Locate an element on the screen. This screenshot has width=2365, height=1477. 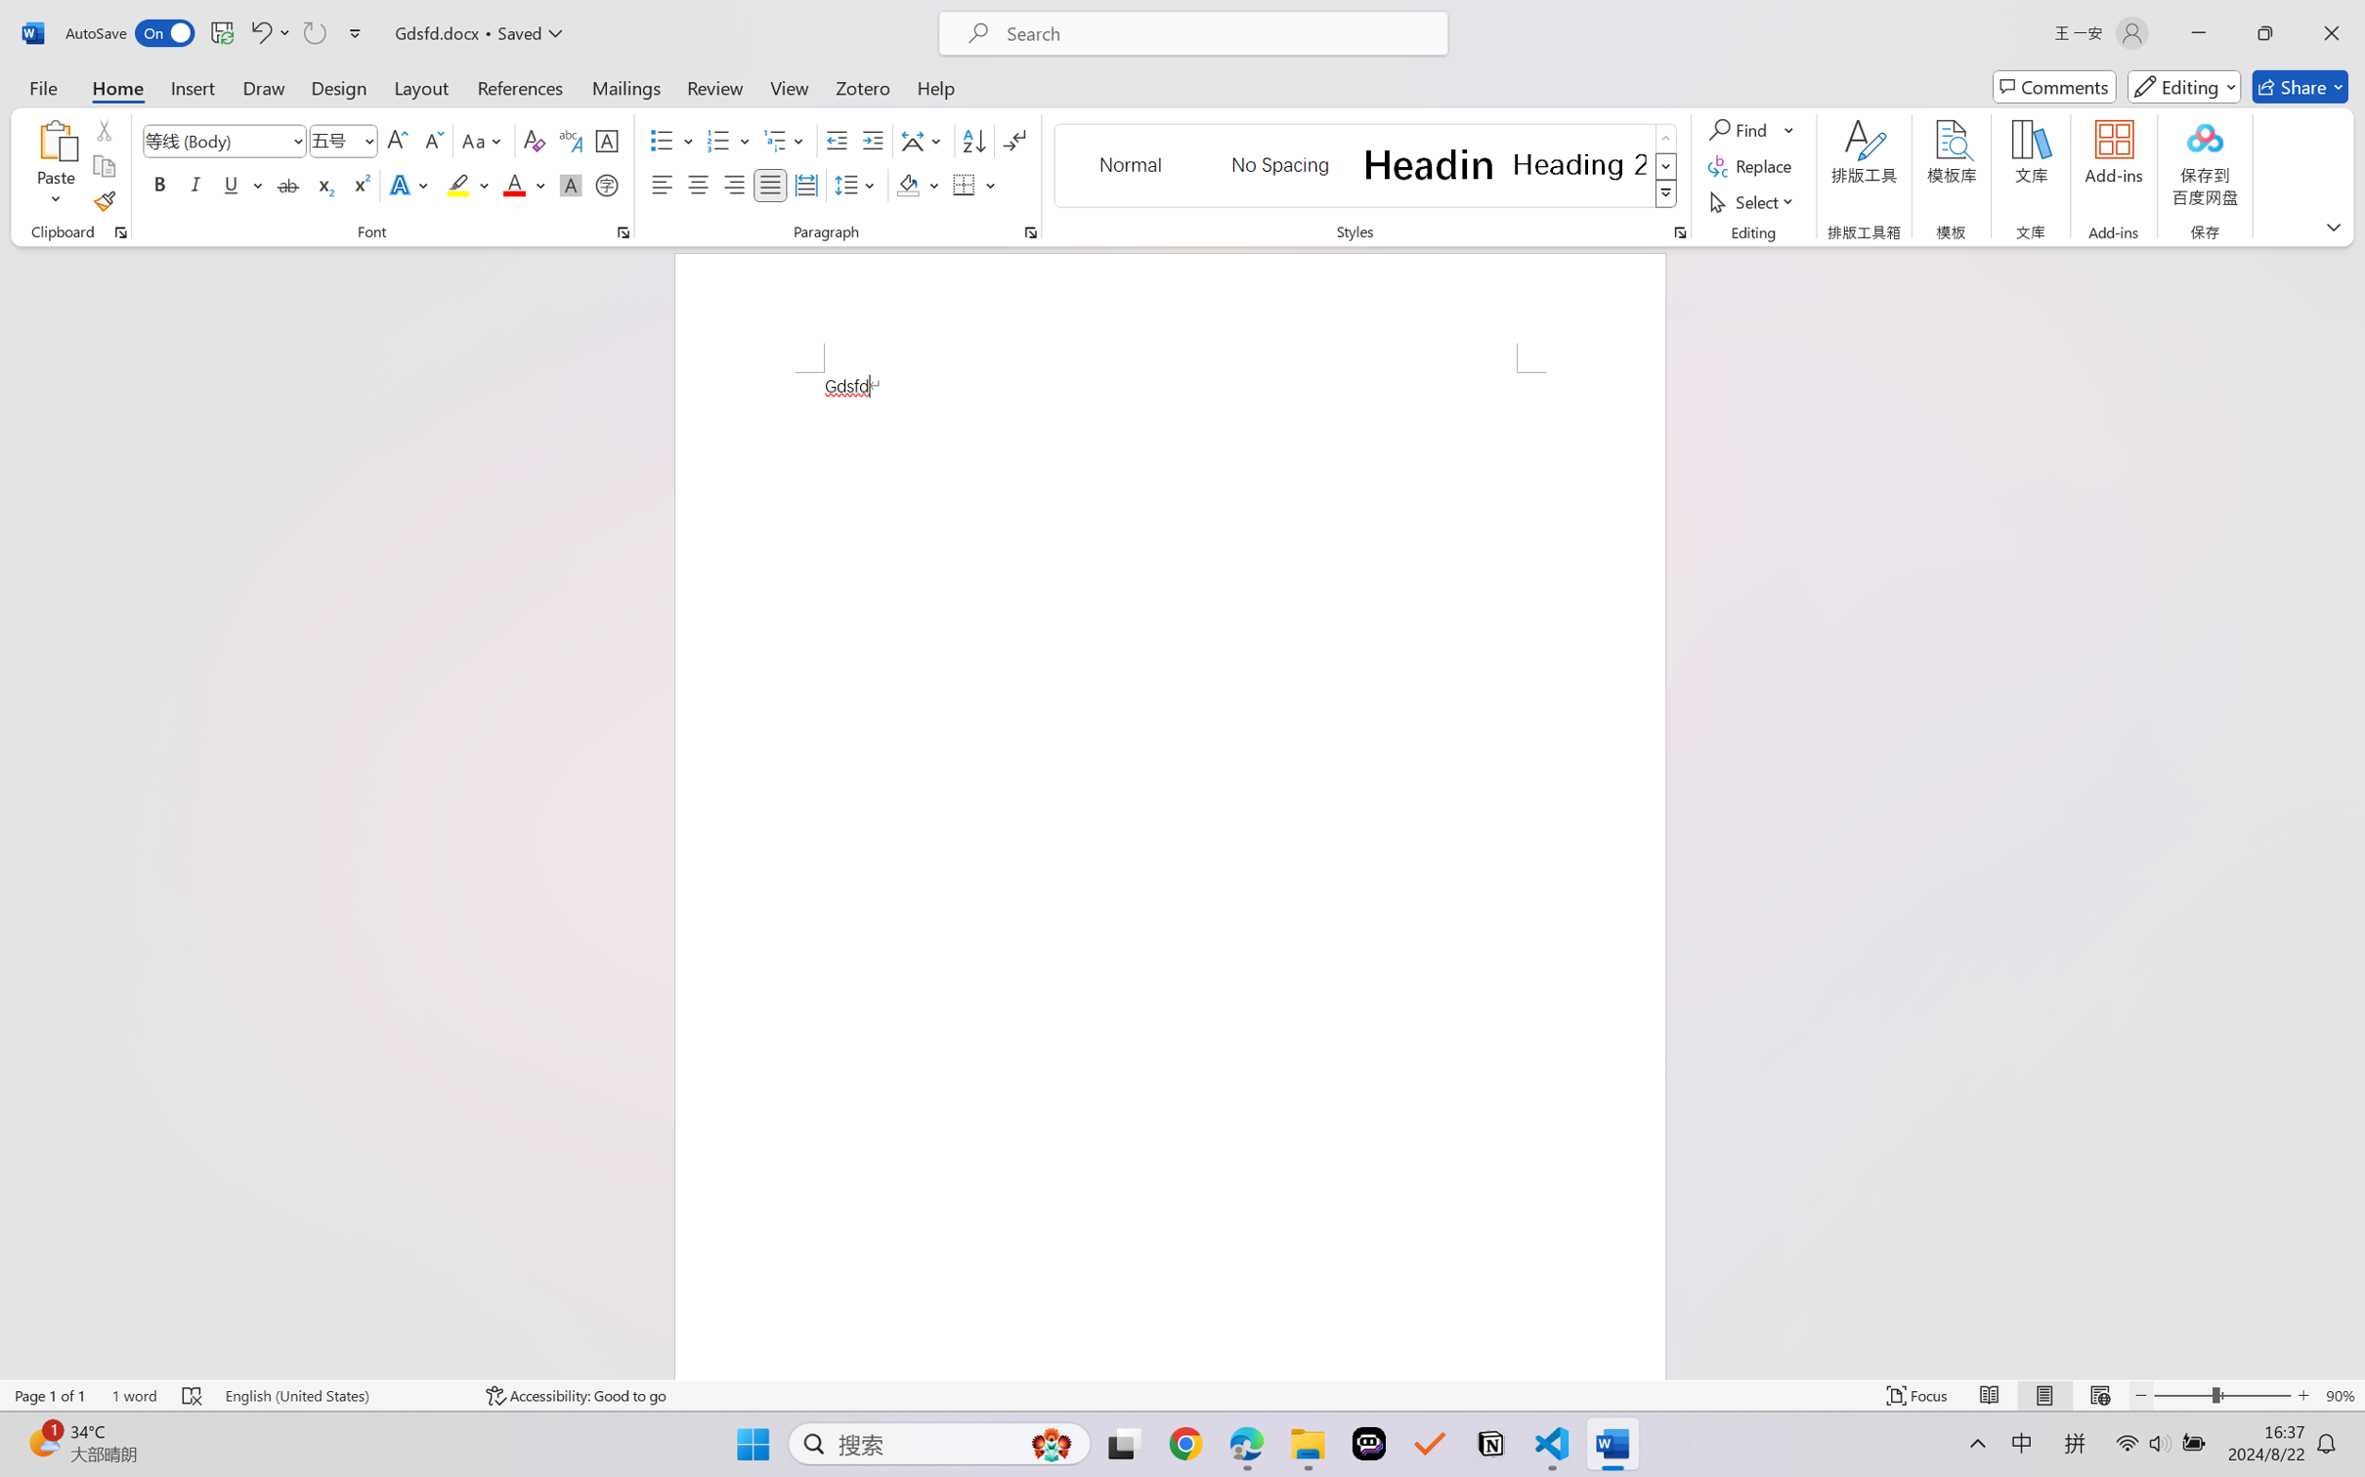
'Grow Font' is located at coordinates (397, 141).